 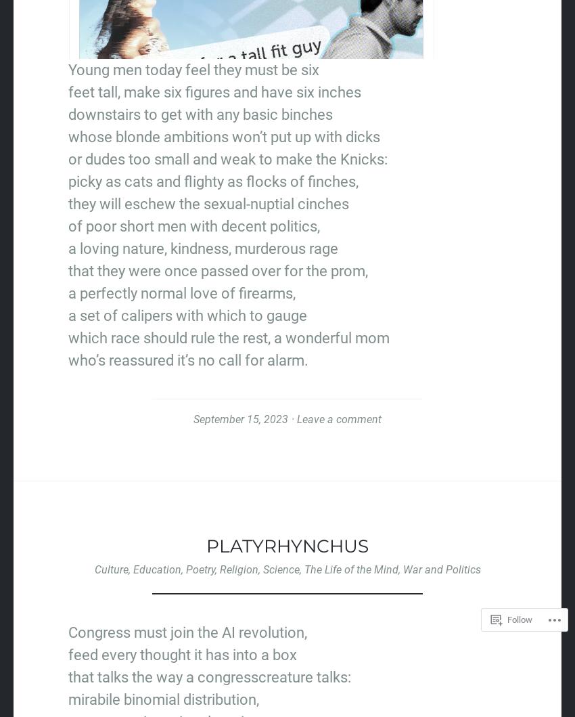 I want to click on 'that talks the way a congresscreature talks:', so click(x=209, y=676).